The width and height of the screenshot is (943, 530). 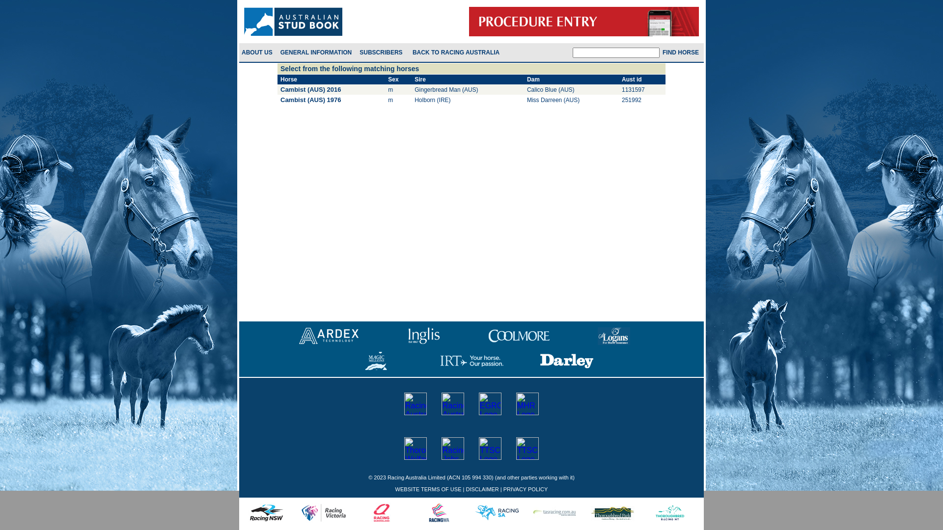 What do you see at coordinates (554, 512) in the screenshot?
I see `'TASRacing'` at bounding box center [554, 512].